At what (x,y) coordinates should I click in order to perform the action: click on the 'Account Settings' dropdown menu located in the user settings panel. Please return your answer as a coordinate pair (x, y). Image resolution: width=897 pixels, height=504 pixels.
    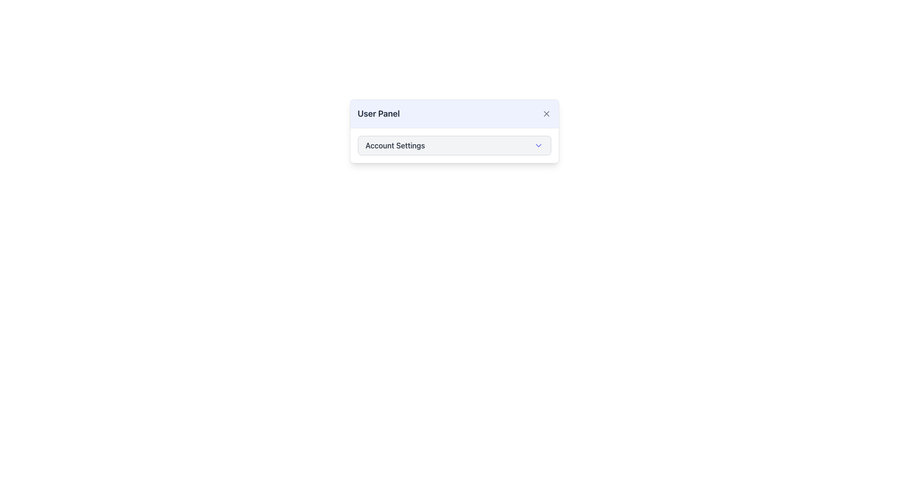
    Looking at the image, I should click on (454, 131).